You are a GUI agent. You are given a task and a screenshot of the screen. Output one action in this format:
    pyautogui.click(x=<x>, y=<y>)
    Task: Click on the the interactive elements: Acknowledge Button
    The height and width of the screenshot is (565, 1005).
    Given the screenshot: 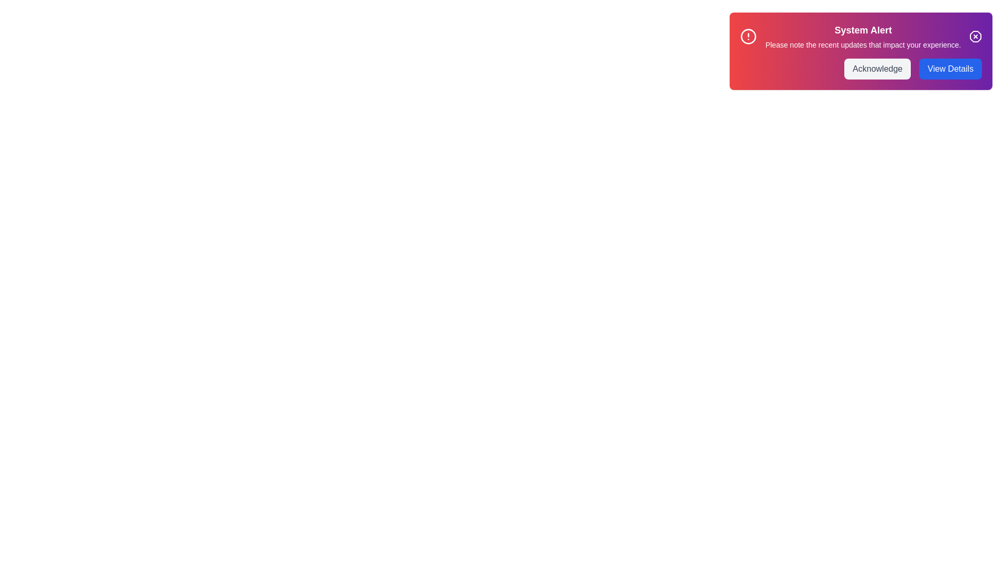 What is the action you would take?
    pyautogui.click(x=877, y=69)
    